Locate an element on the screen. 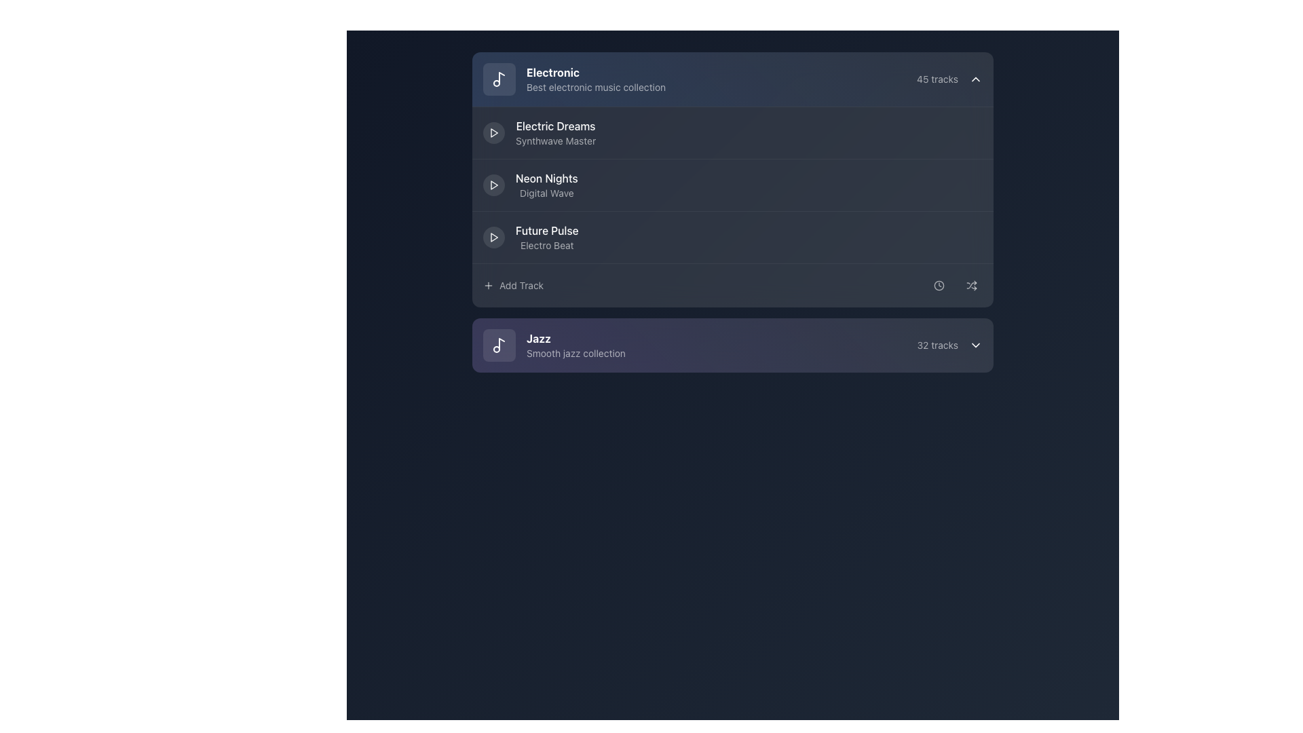 The height and width of the screenshot is (733, 1303). the music note icon, which is a white SVG graphic with a circular base and stem, located to the left of the 'Electronic' music collection title is located at coordinates (498, 79).